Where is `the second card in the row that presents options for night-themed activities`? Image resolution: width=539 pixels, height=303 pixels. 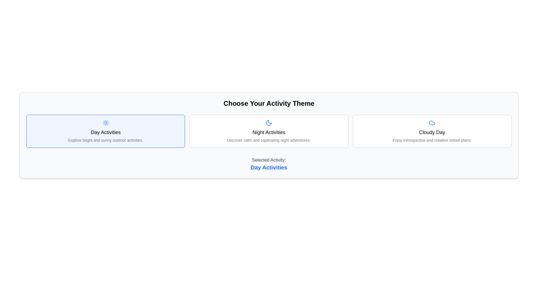
the second card in the row that presents options for night-themed activities is located at coordinates (269, 131).